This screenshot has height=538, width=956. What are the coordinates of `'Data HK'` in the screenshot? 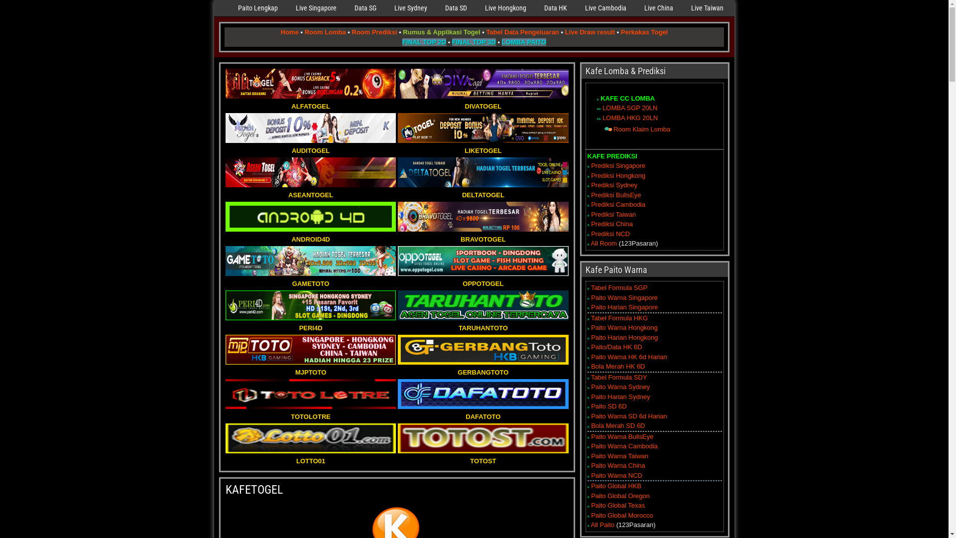 It's located at (555, 8).